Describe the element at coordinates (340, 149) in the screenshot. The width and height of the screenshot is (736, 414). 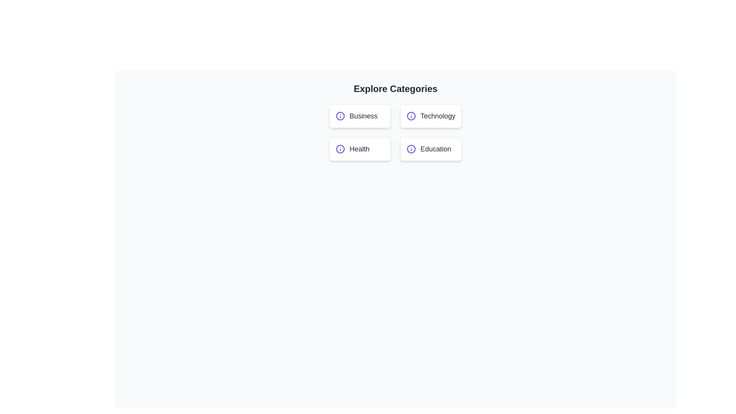
I see `the decorative circle in the 'Health' icon located in the second row, first column of the 'Explore Categories' grid` at that location.